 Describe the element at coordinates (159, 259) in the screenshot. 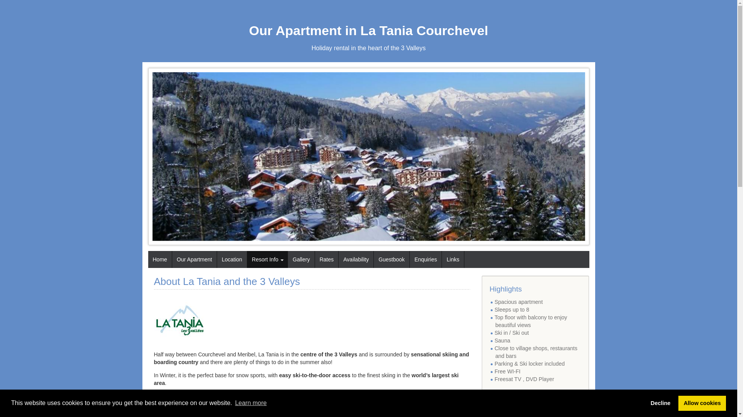

I see `'Home'` at that location.